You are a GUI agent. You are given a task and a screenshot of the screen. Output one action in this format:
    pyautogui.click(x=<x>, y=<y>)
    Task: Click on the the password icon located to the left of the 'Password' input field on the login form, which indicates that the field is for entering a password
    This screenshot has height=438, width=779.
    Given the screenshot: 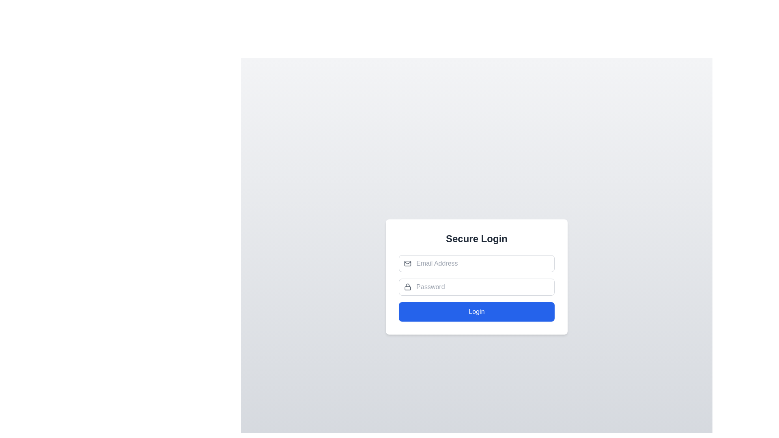 What is the action you would take?
    pyautogui.click(x=408, y=287)
    